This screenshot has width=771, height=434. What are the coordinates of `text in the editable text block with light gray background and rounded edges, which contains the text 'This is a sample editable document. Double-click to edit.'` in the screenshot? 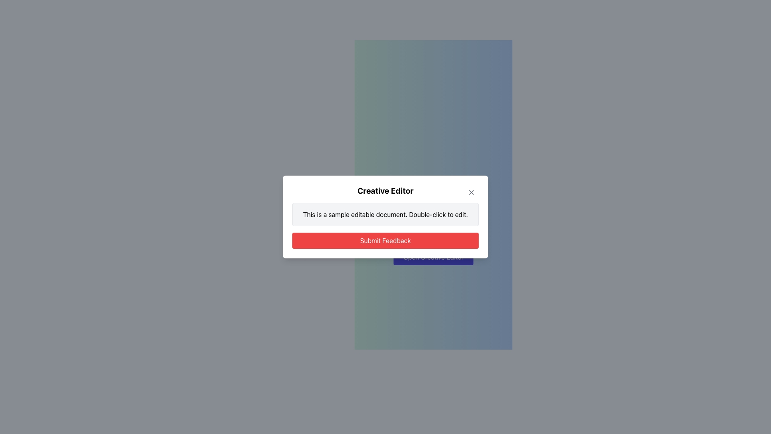 It's located at (385, 217).